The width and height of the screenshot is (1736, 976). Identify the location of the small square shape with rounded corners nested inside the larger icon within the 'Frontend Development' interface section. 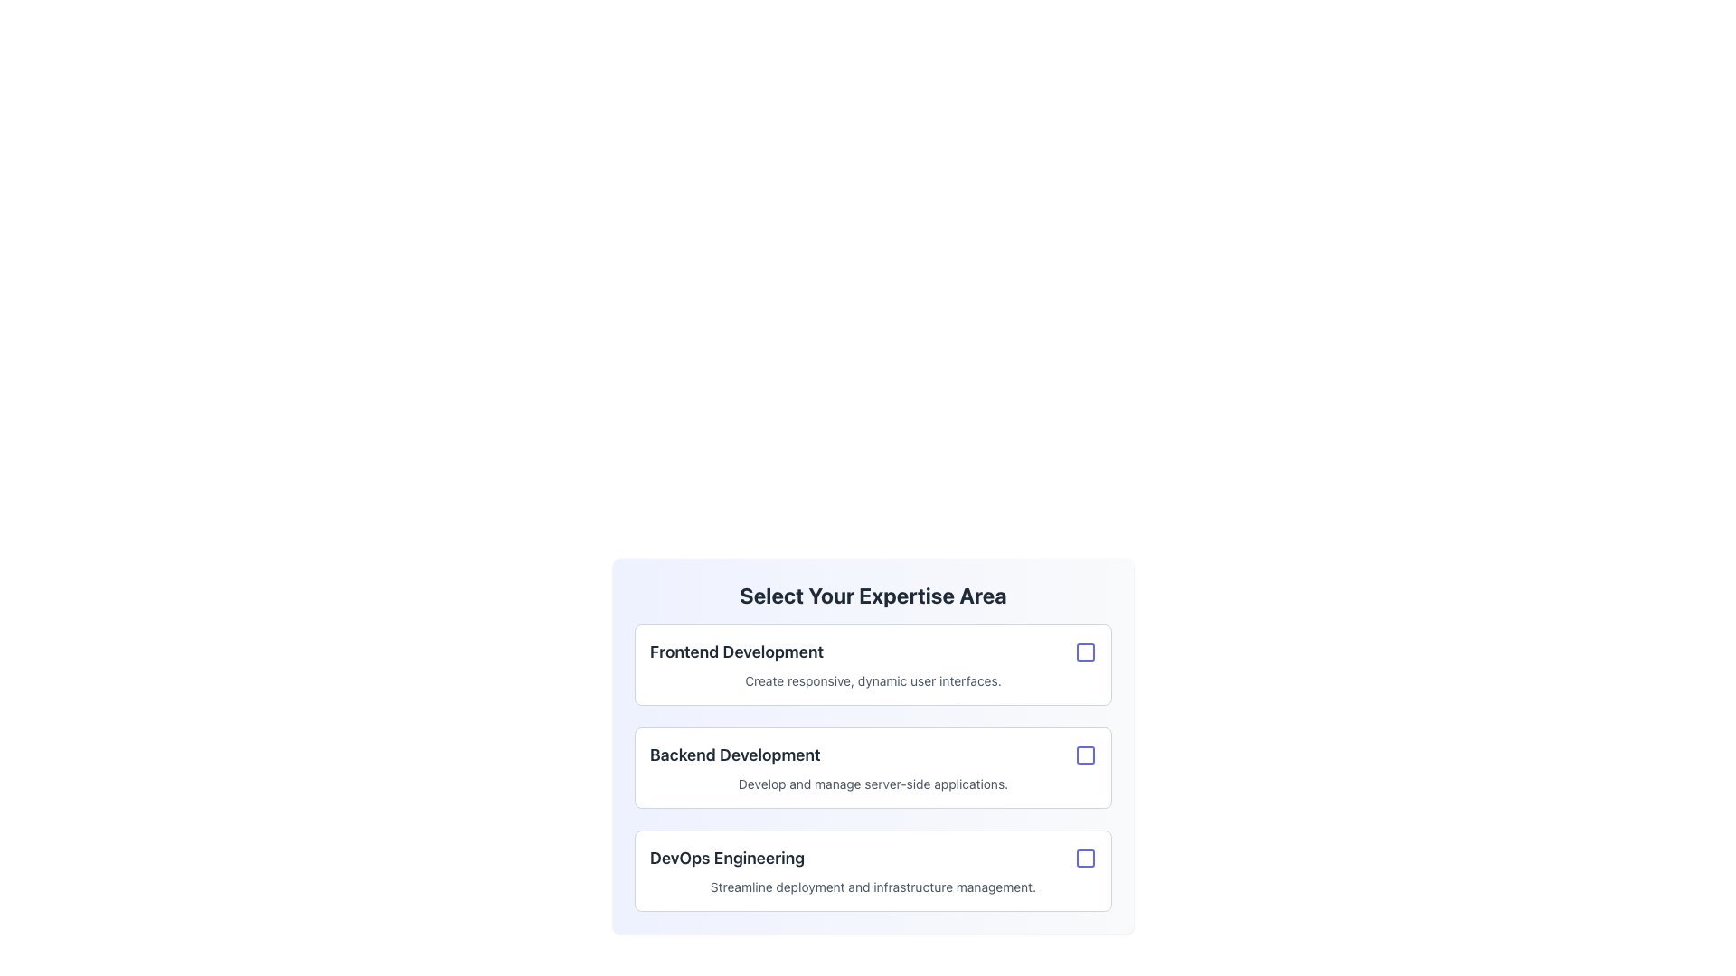
(1085, 652).